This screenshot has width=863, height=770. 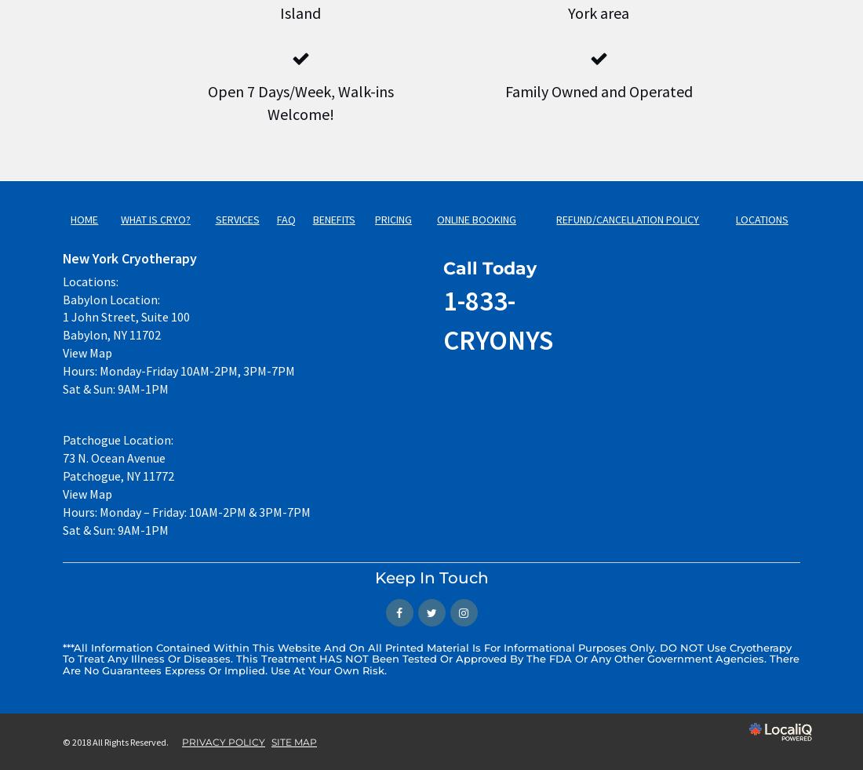 I want to click on 'Patchogue Location:', so click(x=117, y=439).